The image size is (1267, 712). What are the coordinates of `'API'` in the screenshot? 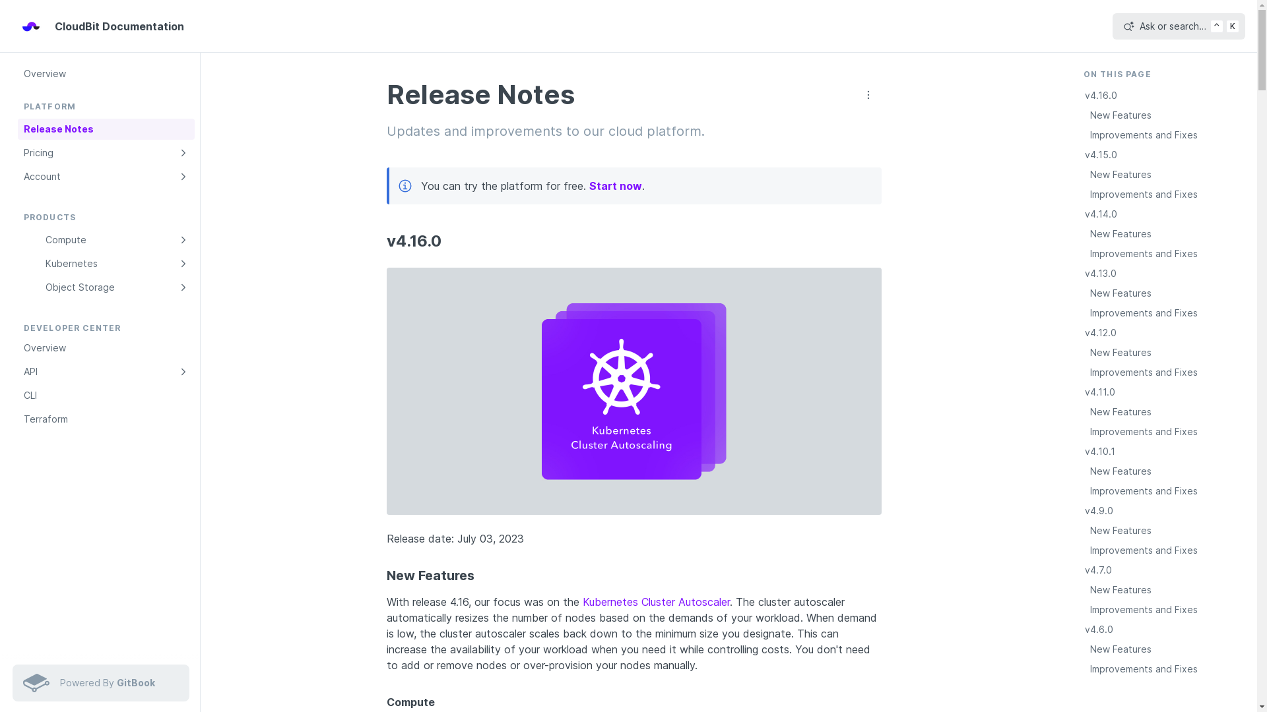 It's located at (104, 371).